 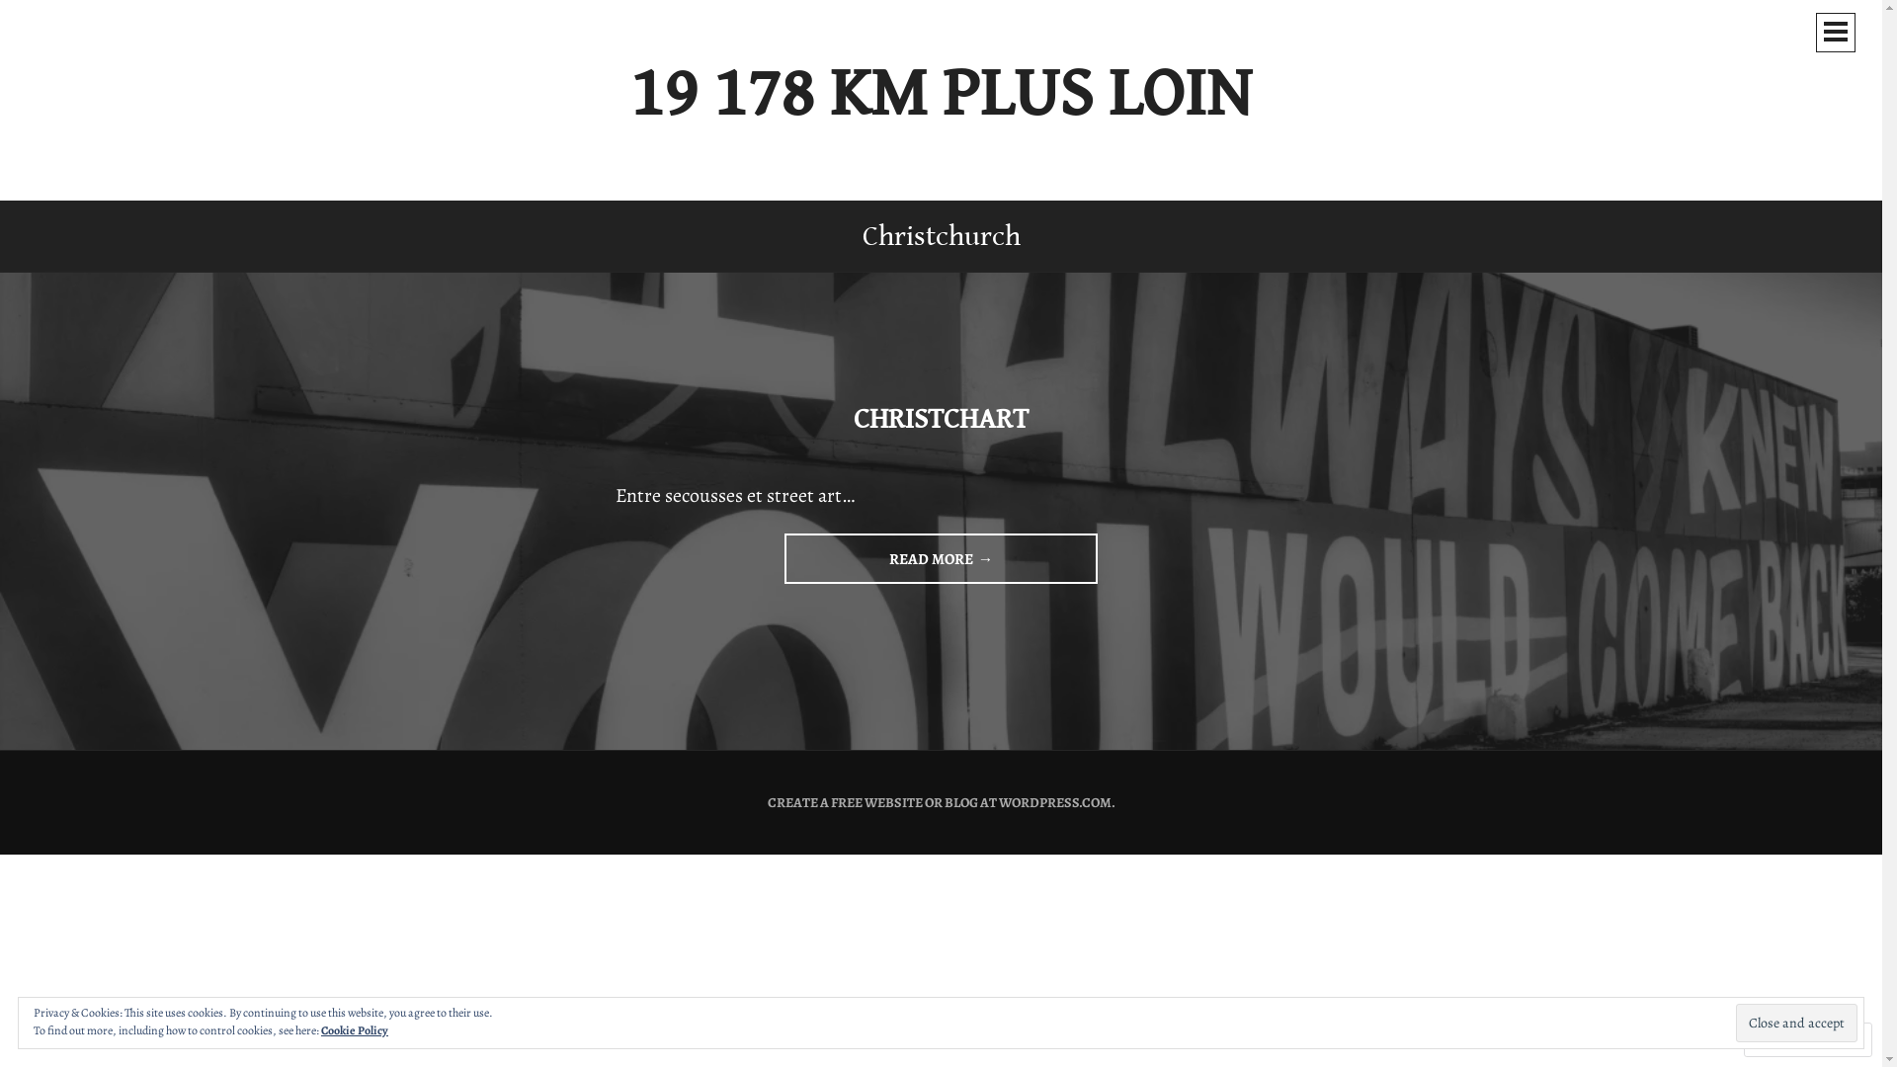 I want to click on 'Follow', so click(x=1788, y=1038).